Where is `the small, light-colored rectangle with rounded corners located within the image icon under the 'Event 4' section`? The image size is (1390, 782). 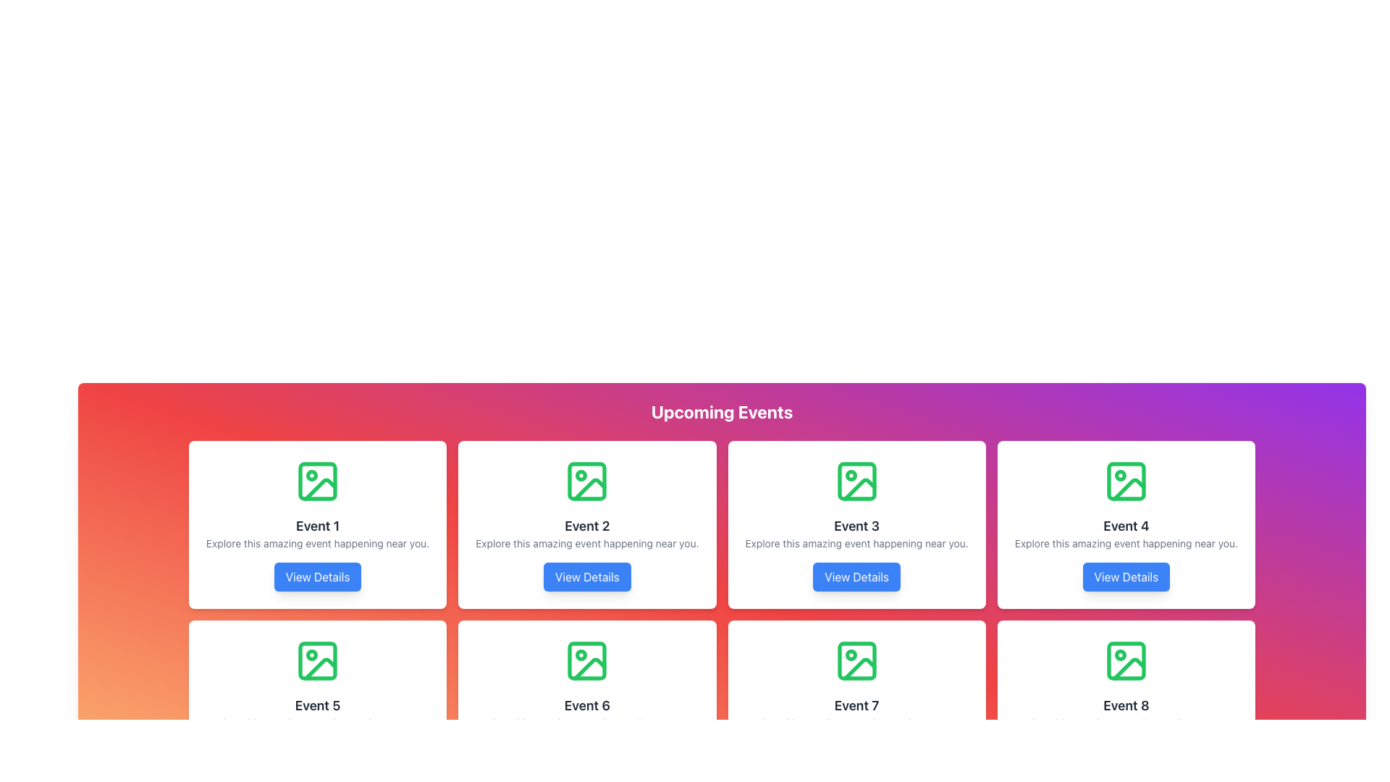
the small, light-colored rectangle with rounded corners located within the image icon under the 'Event 4' section is located at coordinates (1125, 481).